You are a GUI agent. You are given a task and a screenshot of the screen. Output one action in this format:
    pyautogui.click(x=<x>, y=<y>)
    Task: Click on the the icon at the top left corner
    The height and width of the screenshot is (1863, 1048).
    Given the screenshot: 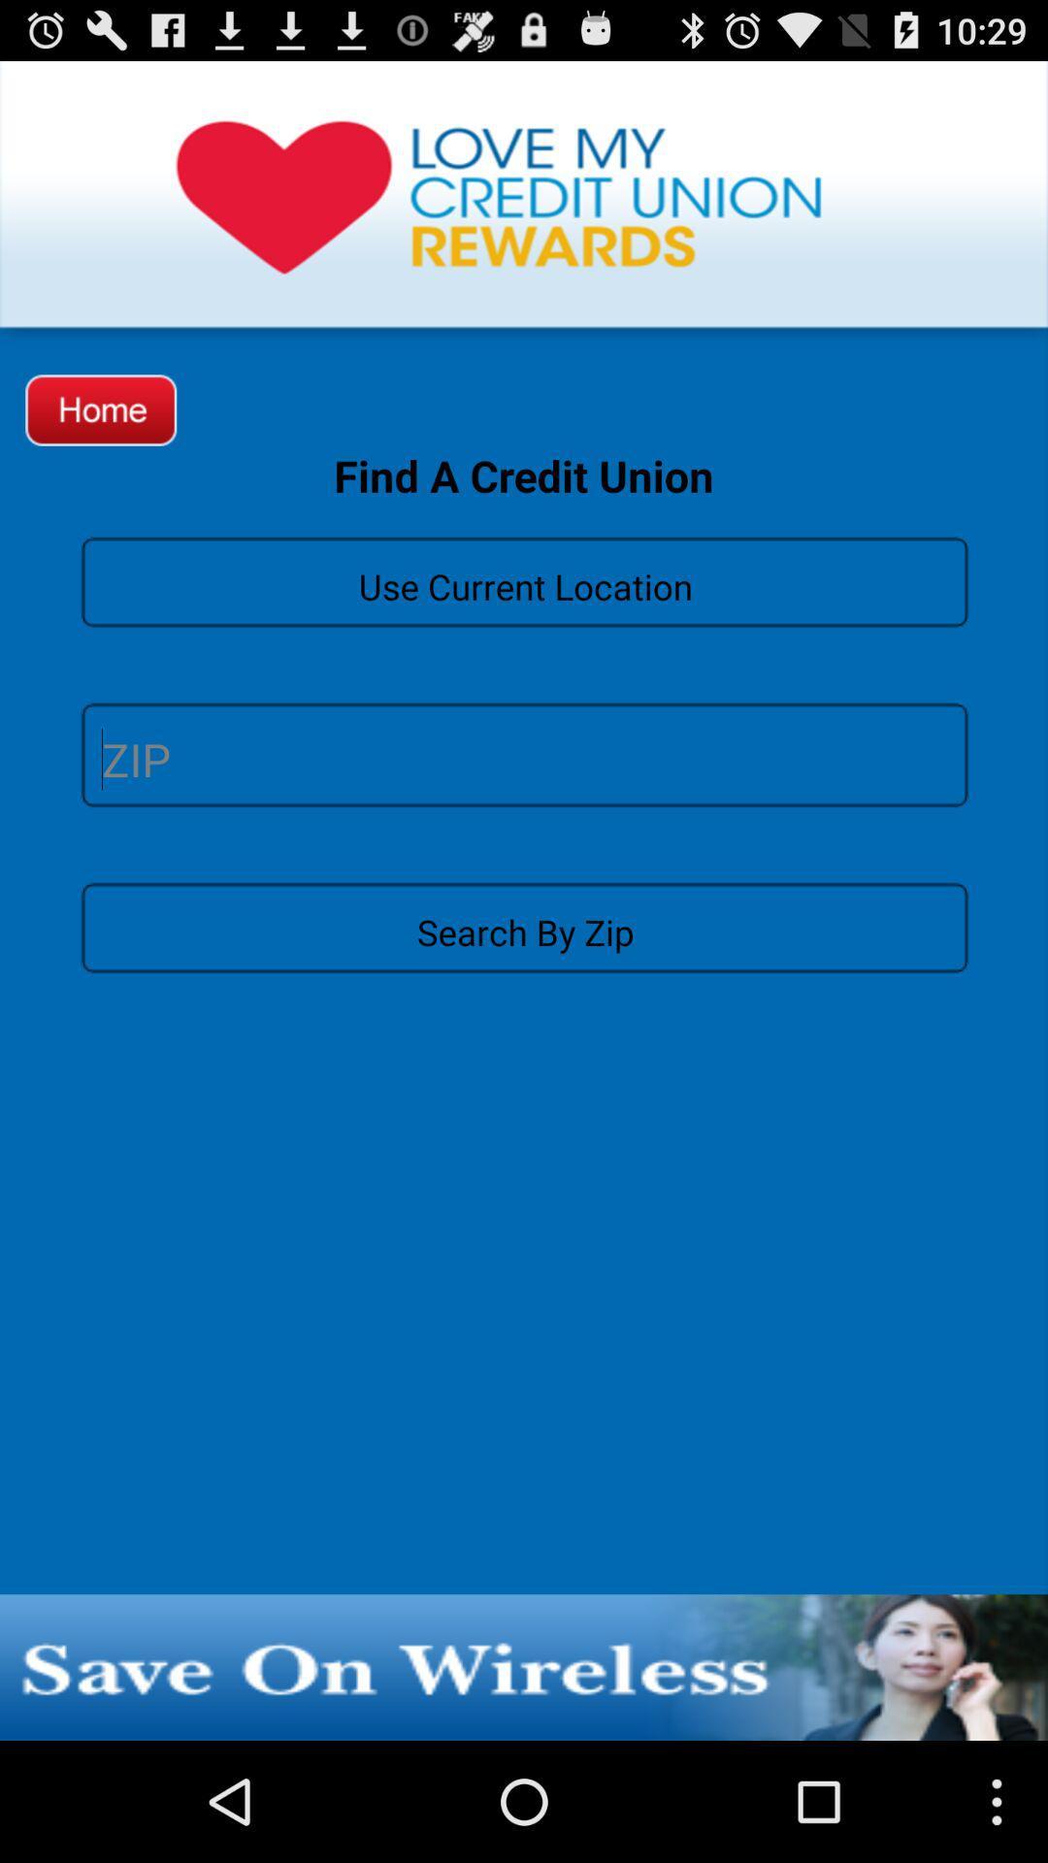 What is the action you would take?
    pyautogui.click(x=101, y=409)
    